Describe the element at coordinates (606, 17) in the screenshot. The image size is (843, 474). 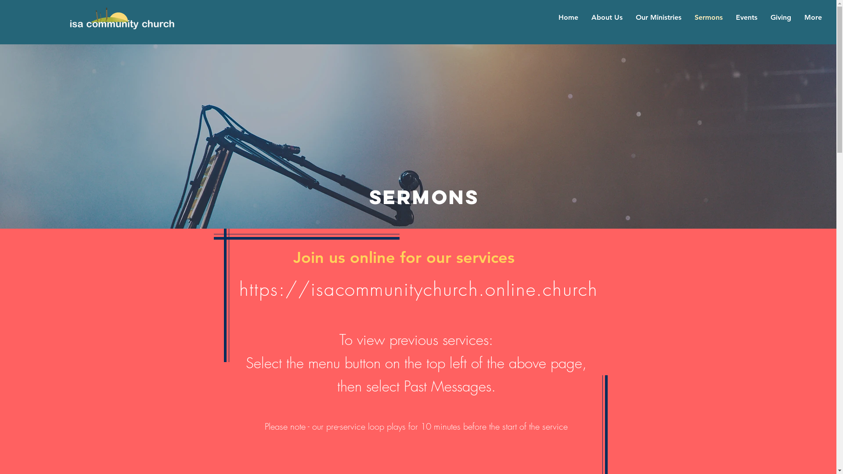
I see `'About Us'` at that location.